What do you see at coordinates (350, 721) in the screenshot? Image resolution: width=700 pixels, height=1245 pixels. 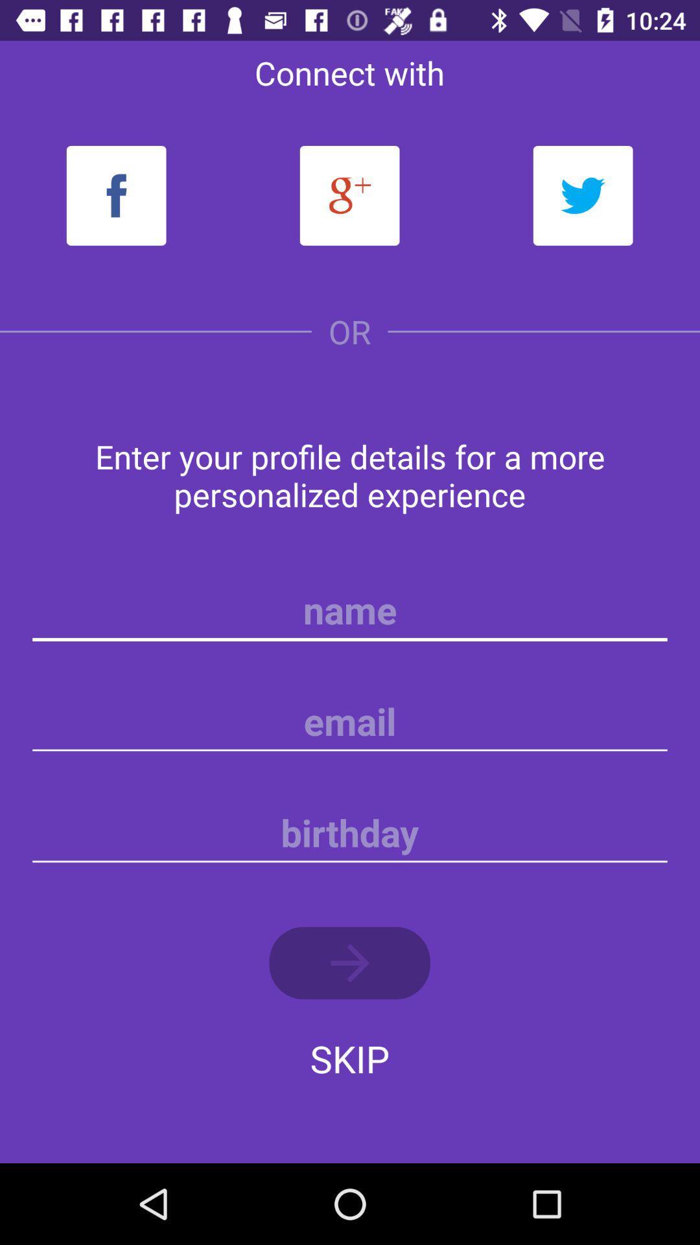 I see `a note` at bounding box center [350, 721].